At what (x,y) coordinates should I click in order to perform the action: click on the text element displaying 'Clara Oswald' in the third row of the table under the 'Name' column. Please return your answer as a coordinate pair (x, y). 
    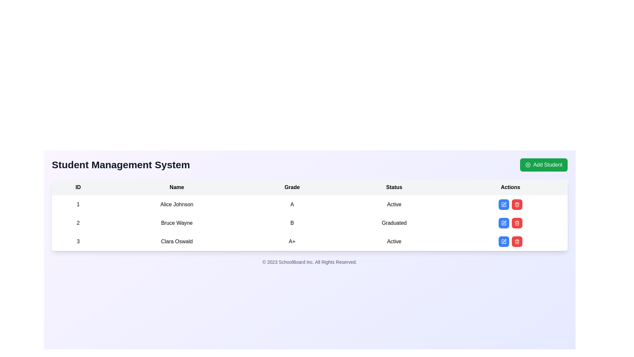
    Looking at the image, I should click on (177, 242).